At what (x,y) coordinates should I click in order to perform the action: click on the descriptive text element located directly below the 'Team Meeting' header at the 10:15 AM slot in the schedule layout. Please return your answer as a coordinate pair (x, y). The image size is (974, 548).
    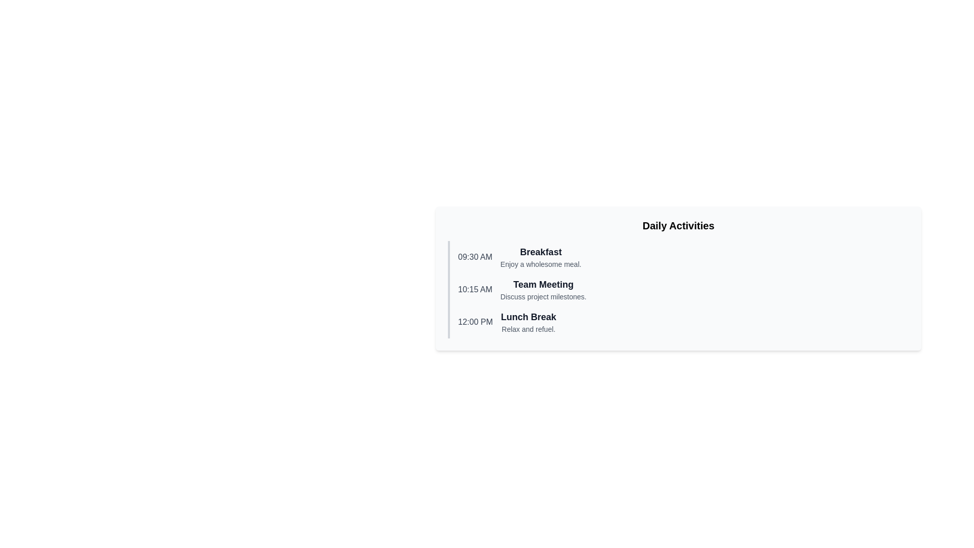
    Looking at the image, I should click on (543, 297).